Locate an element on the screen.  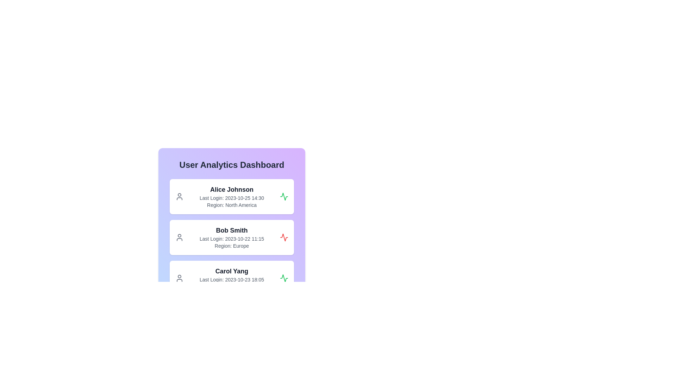
the text label displaying 'Last Login: 2023-10-23 18:05' which is located below 'Carol Yang' and above 'Region: Asia' is located at coordinates (232, 279).